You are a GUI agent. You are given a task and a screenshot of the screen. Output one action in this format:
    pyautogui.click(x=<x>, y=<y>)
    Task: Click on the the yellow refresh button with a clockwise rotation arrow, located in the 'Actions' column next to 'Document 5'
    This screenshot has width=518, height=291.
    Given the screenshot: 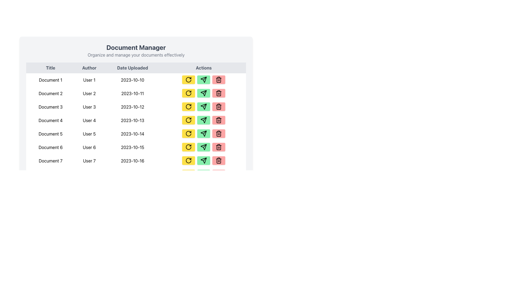 What is the action you would take?
    pyautogui.click(x=189, y=133)
    